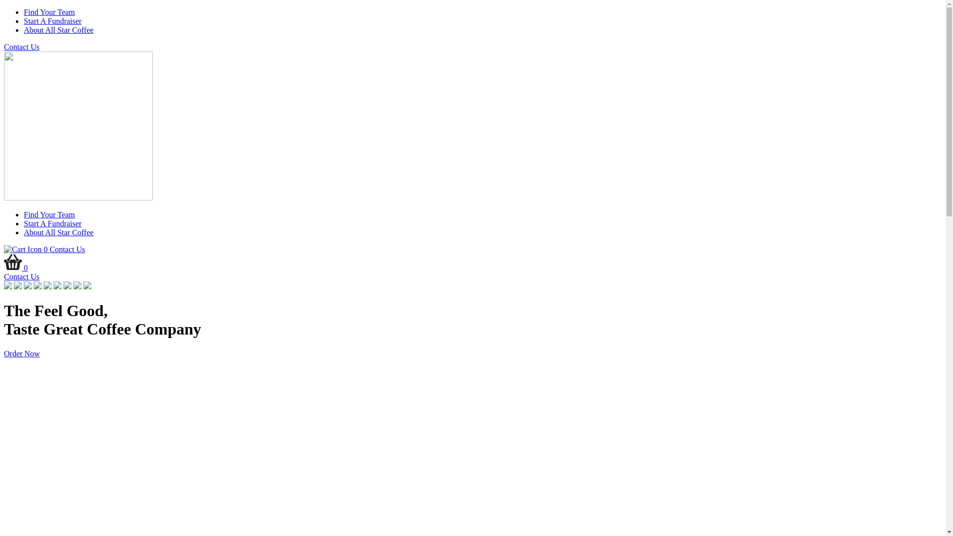  Describe the element at coordinates (67, 249) in the screenshot. I see `'Contact Us'` at that location.